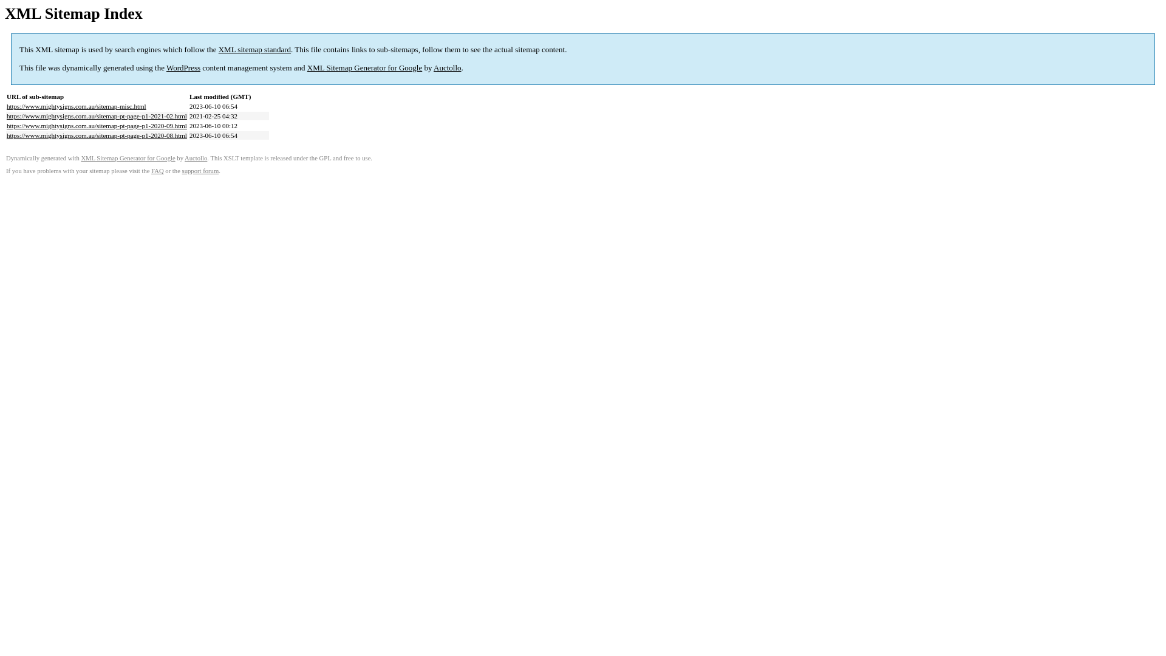 The image size is (1166, 656). I want to click on 'Auctollo', so click(196, 157).